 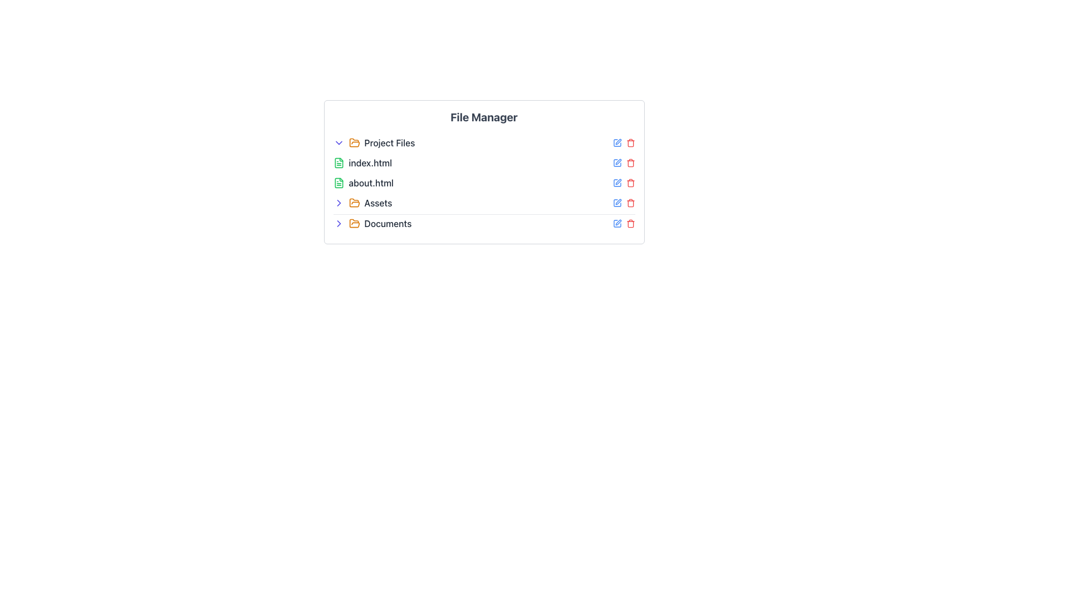 I want to click on the delete button located at the top-right corner of the first row in the File Manager, which is the second button following the blue edit icon, so click(x=630, y=142).